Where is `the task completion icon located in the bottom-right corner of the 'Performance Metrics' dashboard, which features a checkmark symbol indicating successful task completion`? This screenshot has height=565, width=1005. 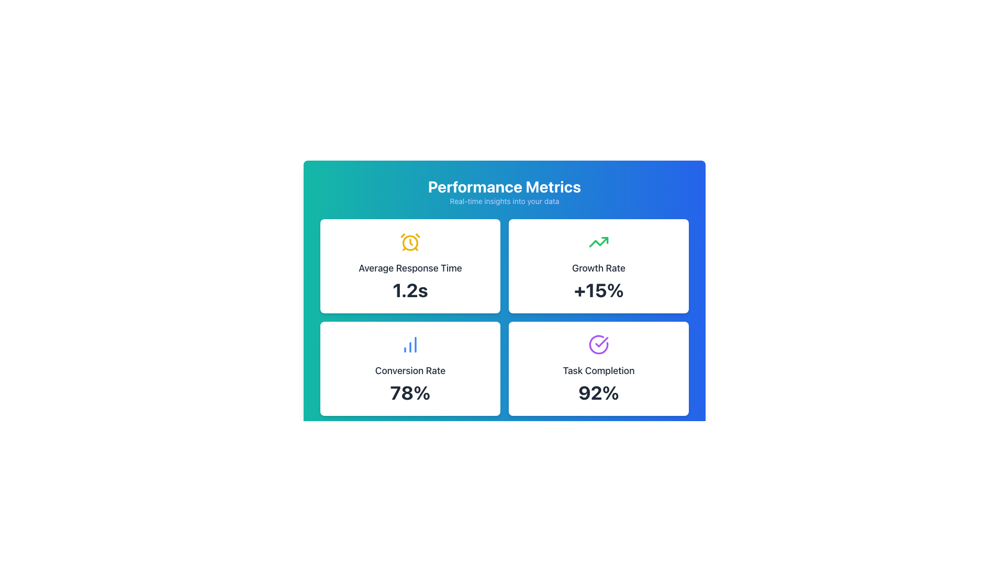 the task completion icon located in the bottom-right corner of the 'Performance Metrics' dashboard, which features a checkmark symbol indicating successful task completion is located at coordinates (598, 345).